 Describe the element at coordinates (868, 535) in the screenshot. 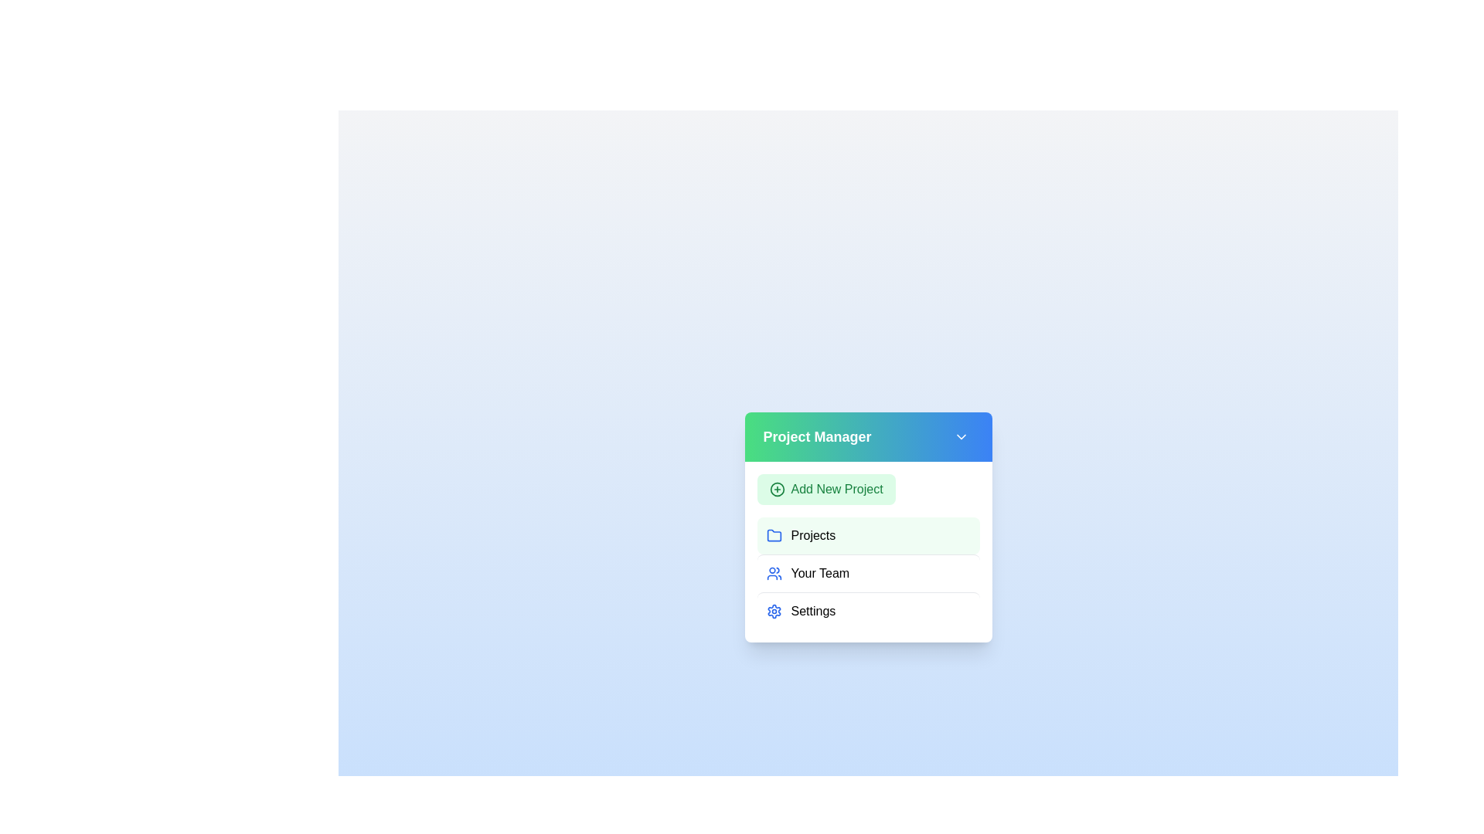

I see `the menu item Projects by clicking on it` at that location.